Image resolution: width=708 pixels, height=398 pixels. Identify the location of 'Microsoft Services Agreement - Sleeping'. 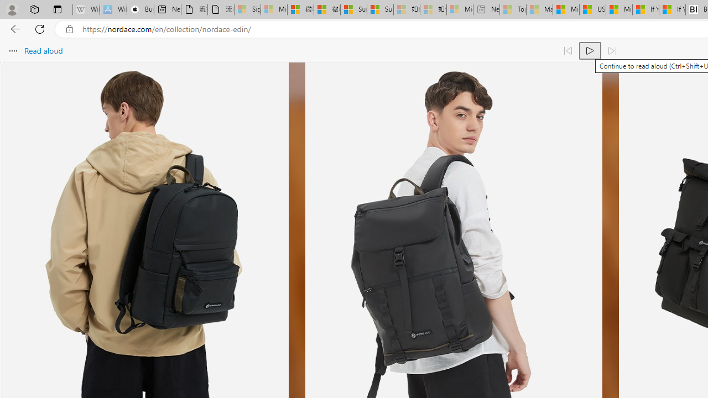
(274, 9).